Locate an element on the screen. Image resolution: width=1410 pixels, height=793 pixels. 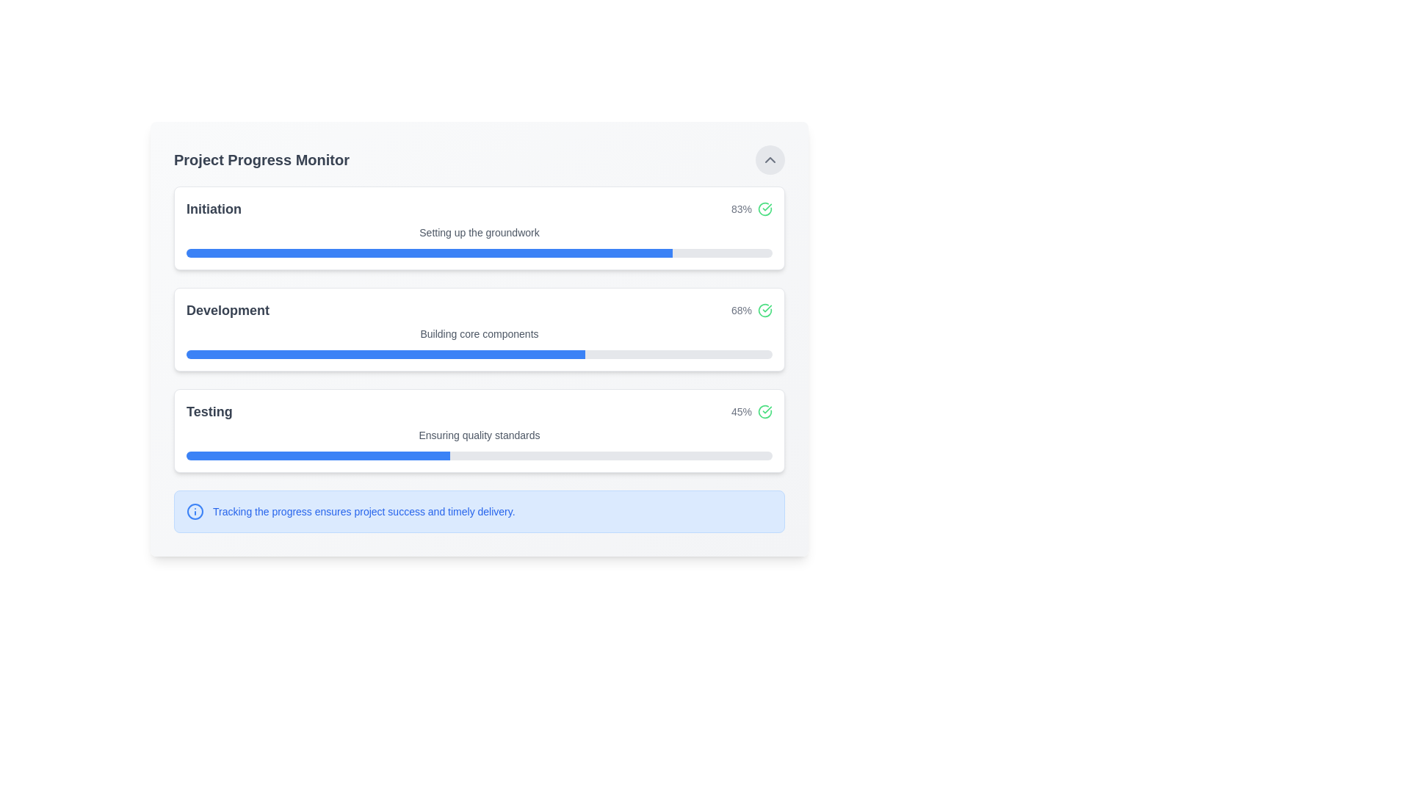
the text label reading 'Testing' which is styled with a large bold font and gray color, located in the third progress section above the progress bar is located at coordinates (209, 411).